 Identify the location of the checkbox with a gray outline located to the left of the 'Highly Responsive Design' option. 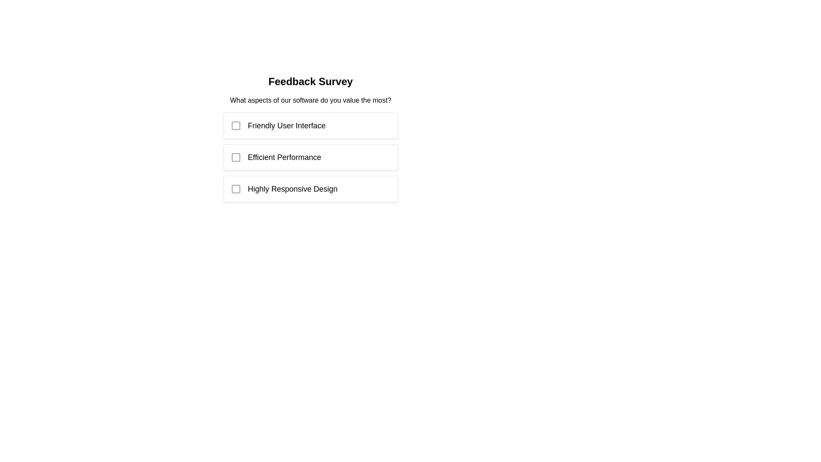
(236, 189).